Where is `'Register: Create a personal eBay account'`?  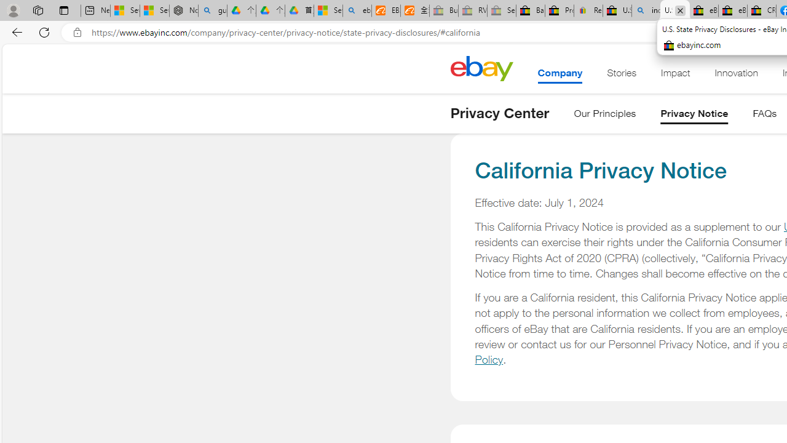 'Register: Create a personal eBay account' is located at coordinates (588, 10).